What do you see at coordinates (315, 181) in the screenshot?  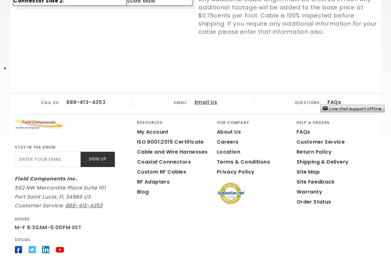 I see `'Site Feedback'` at bounding box center [315, 181].